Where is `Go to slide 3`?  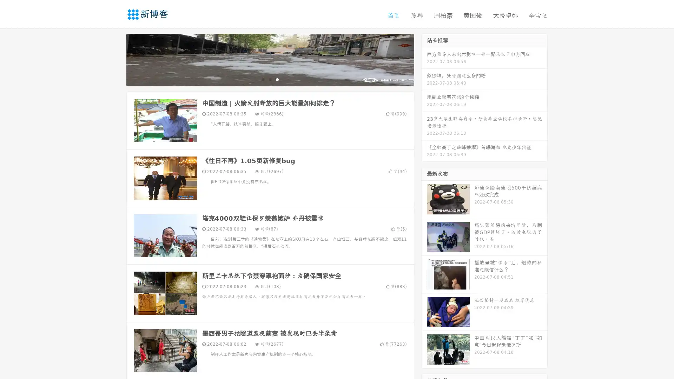
Go to slide 3 is located at coordinates (277, 79).